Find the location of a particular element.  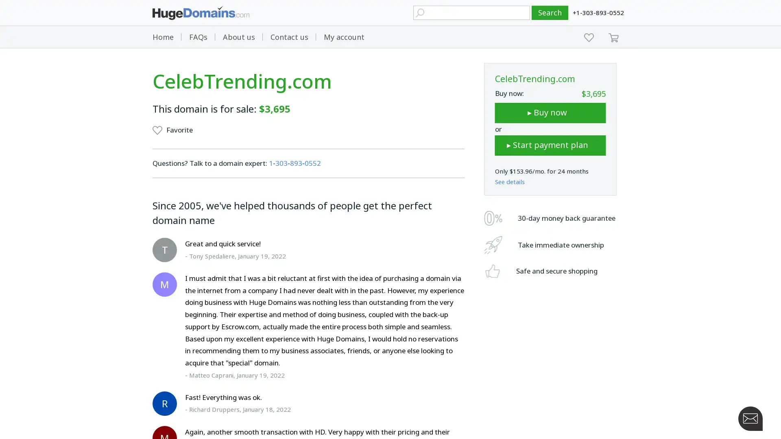

Search is located at coordinates (550, 13).